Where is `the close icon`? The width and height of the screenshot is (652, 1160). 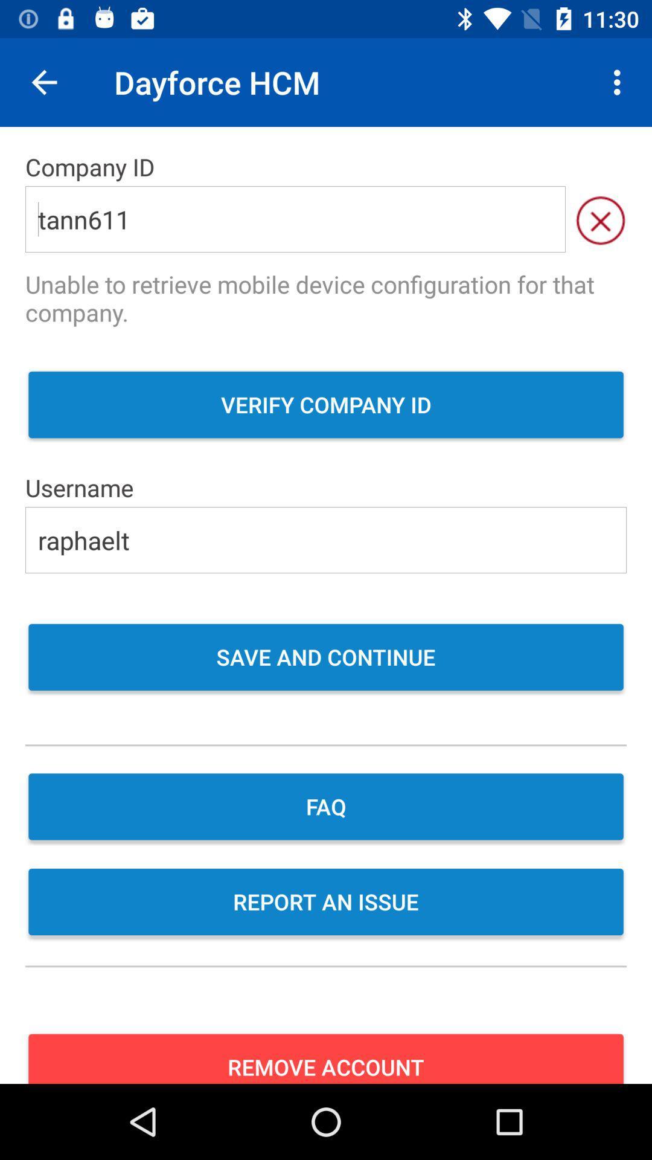
the close icon is located at coordinates (600, 219).